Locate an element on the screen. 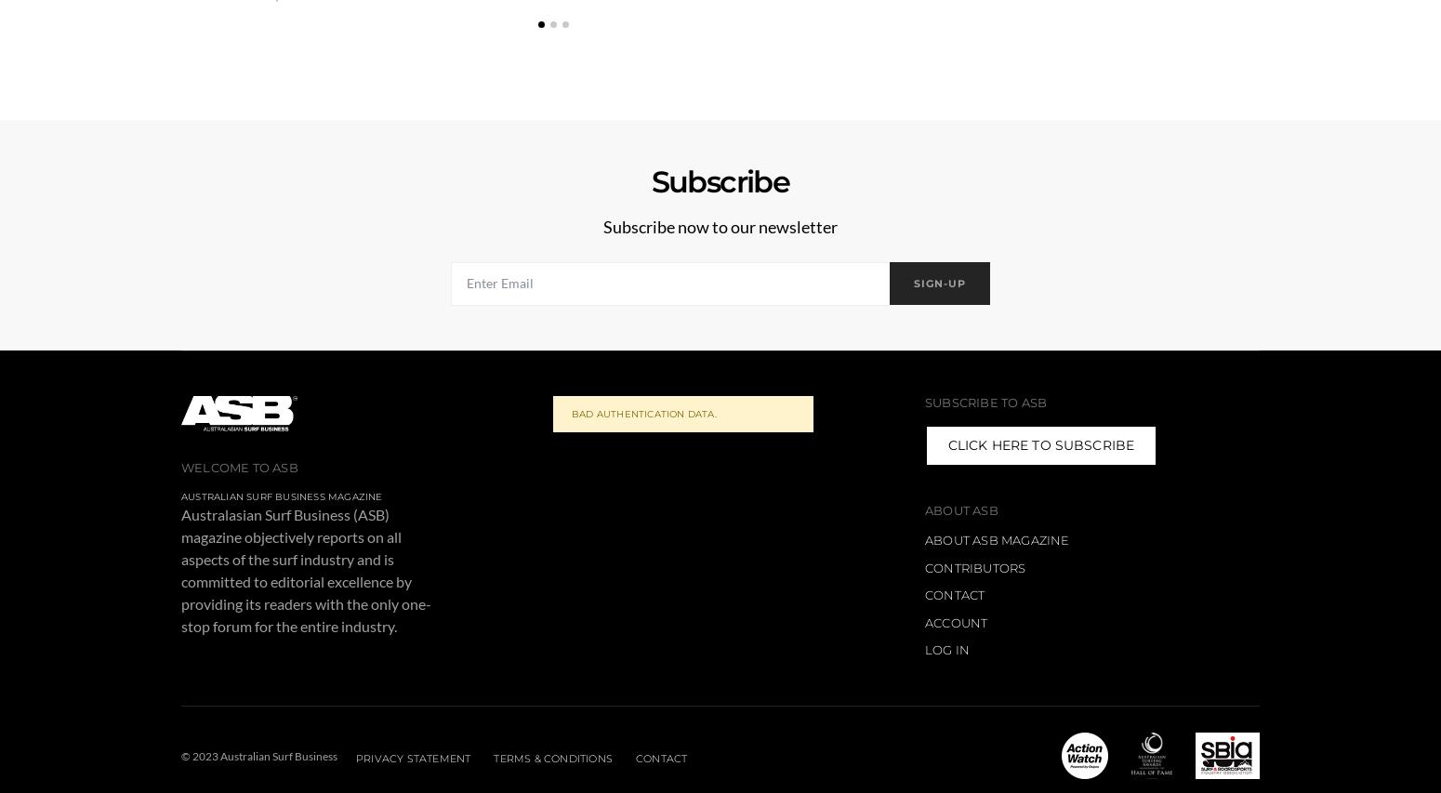 The image size is (1441, 793). 'Editor' is located at coordinates (1394, 8).